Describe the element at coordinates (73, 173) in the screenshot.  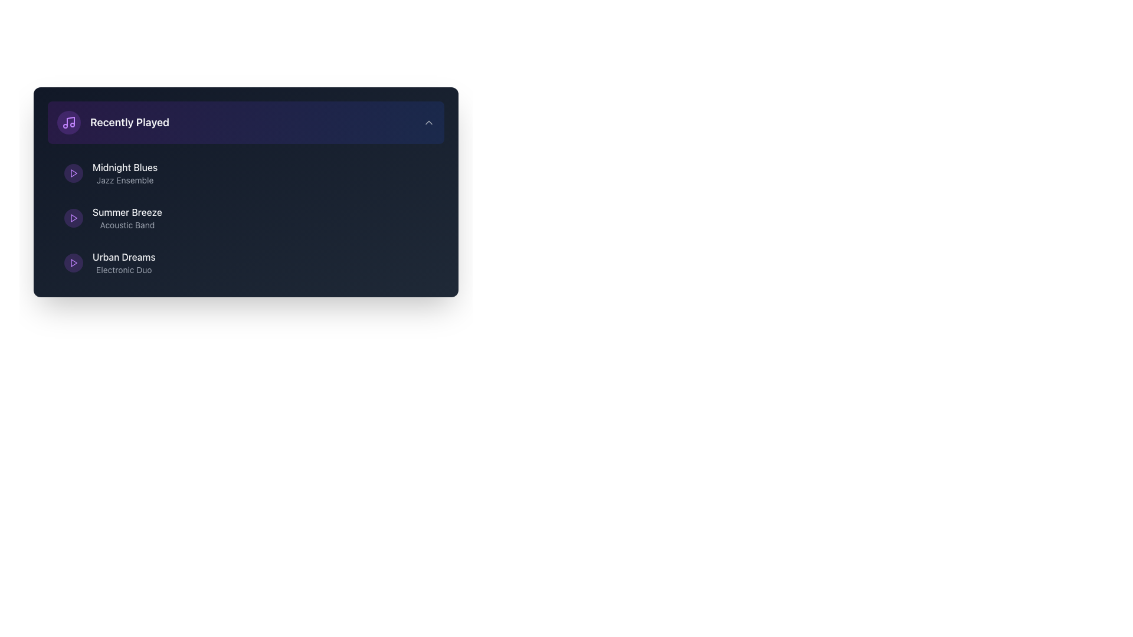
I see `the small purple triangular play button located to the left of the text 'Midnight Blues'` at that location.